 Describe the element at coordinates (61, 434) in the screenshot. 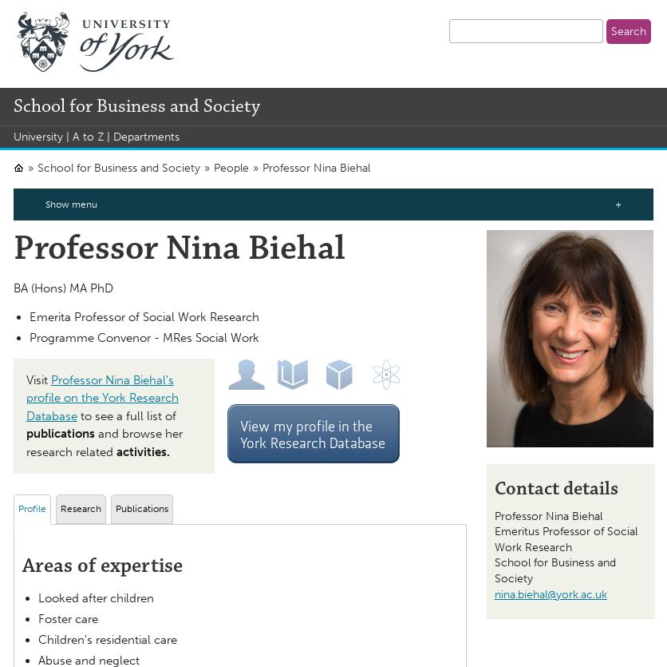

I see `'publications'` at that location.